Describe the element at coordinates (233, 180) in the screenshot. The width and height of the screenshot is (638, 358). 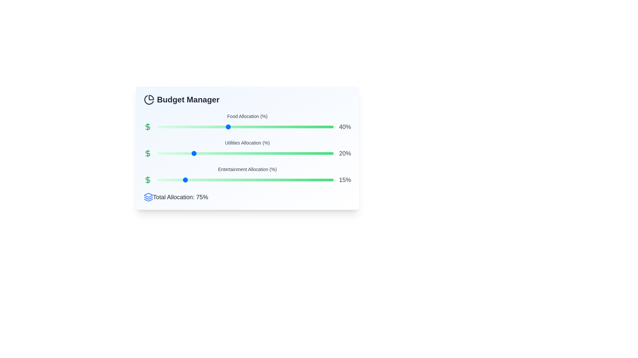
I see `the Entertainment Allocation slider to 43%` at that location.